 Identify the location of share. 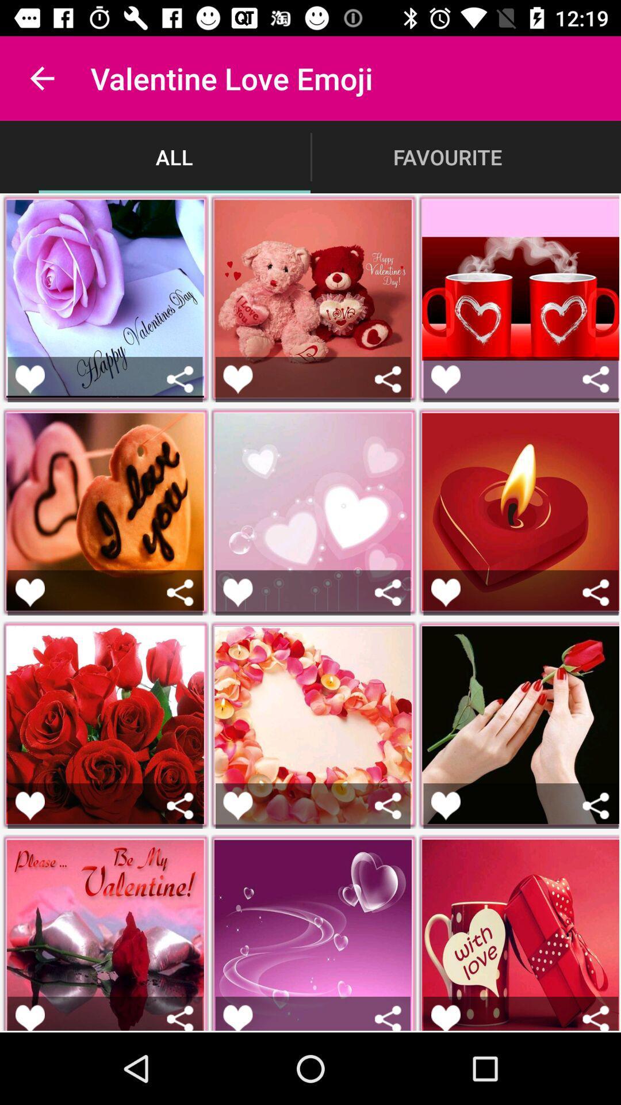
(388, 592).